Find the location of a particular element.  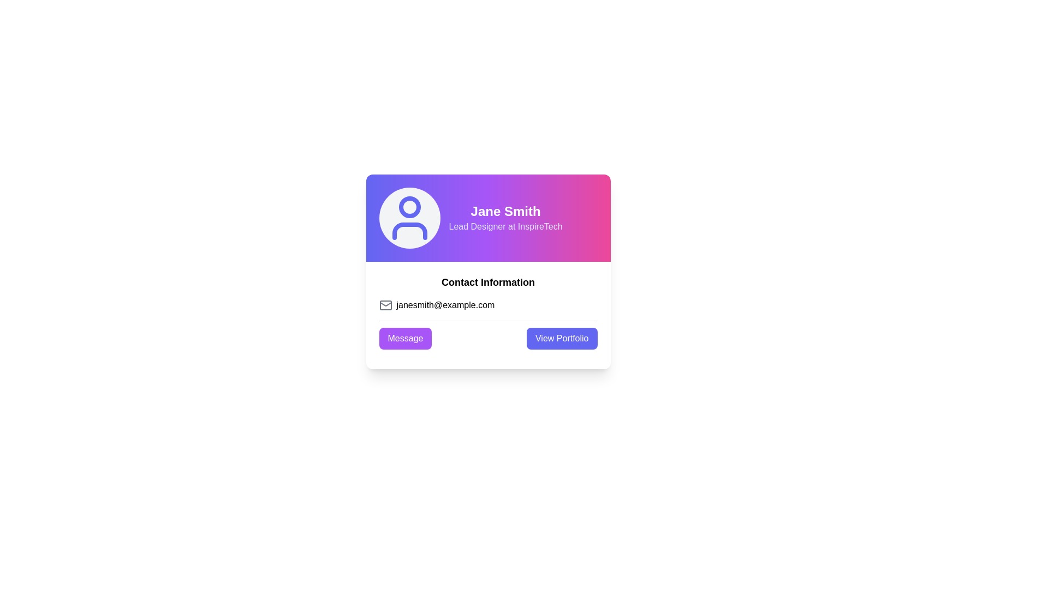

the text label displaying the user's email address located below the 'Contact Information' heading and above the 'Message' and 'View Portfolio' buttons is located at coordinates (487, 305).